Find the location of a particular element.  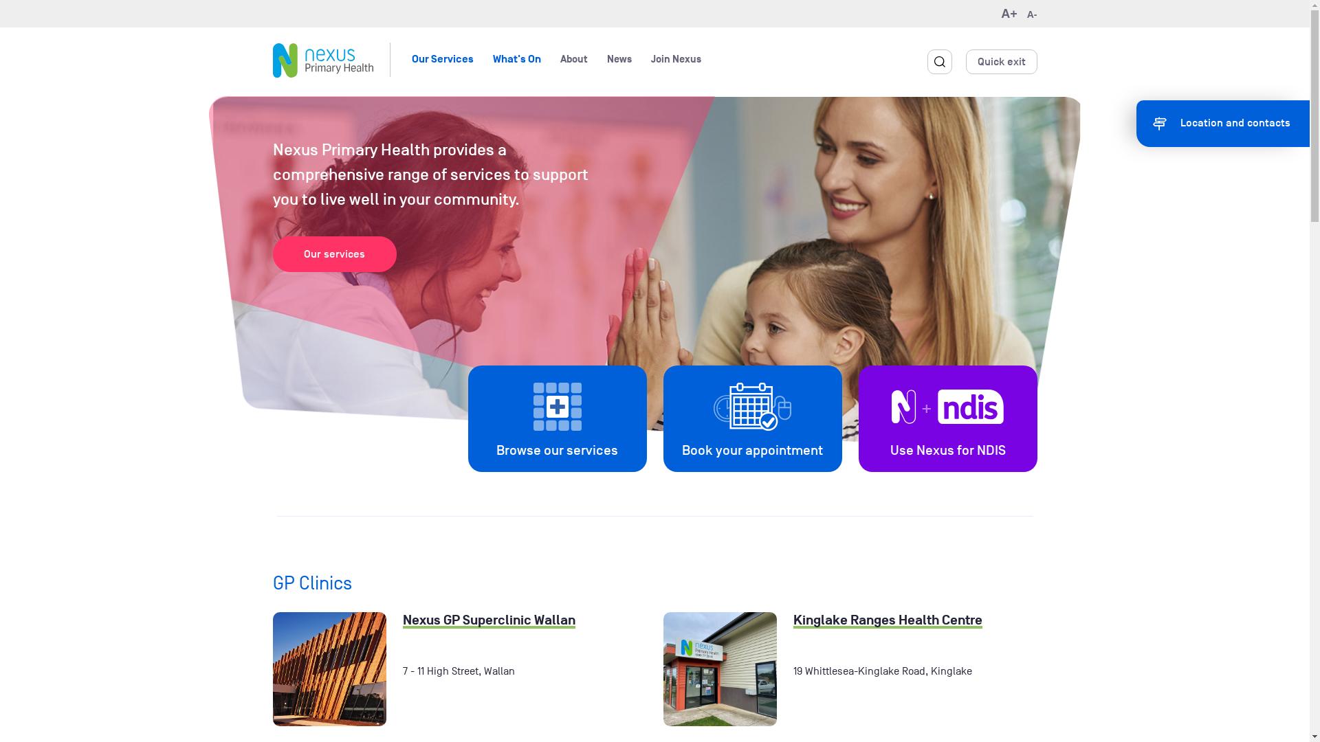

'A+' is located at coordinates (1009, 14).